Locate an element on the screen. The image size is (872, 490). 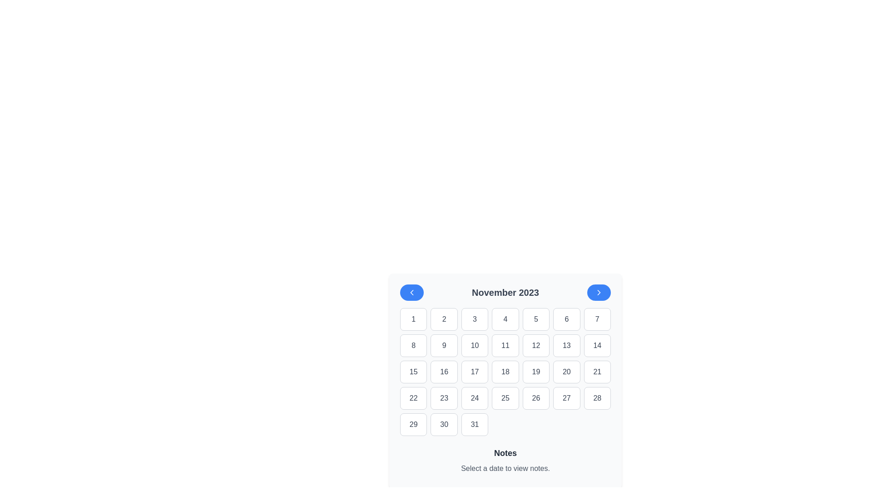
the button representing the 14th day of the month in the calendar interface is located at coordinates (597, 346).